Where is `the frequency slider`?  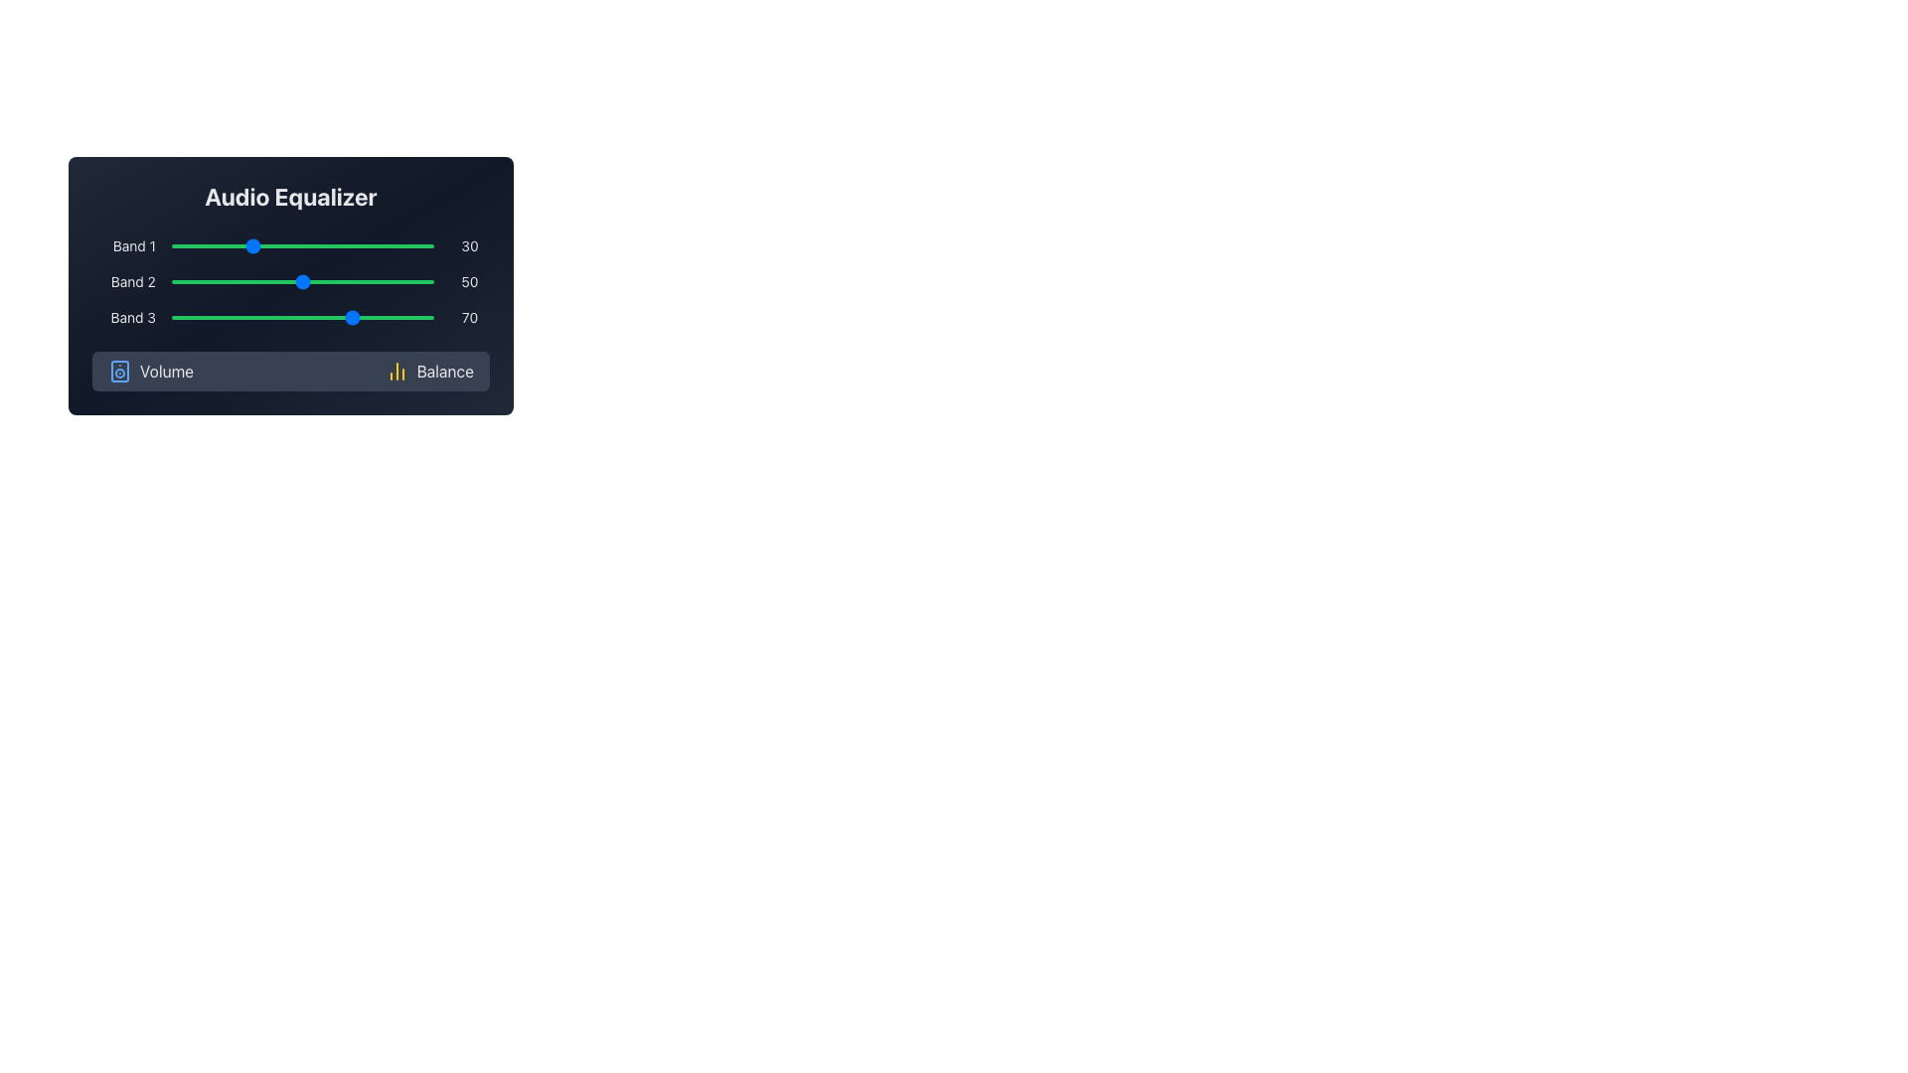 the frequency slider is located at coordinates (337, 282).